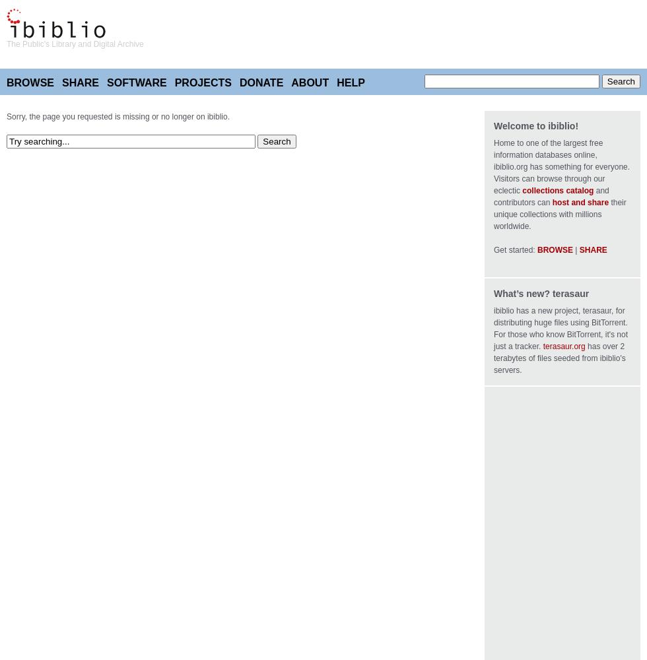  I want to click on 'collections catalog', so click(557, 191).